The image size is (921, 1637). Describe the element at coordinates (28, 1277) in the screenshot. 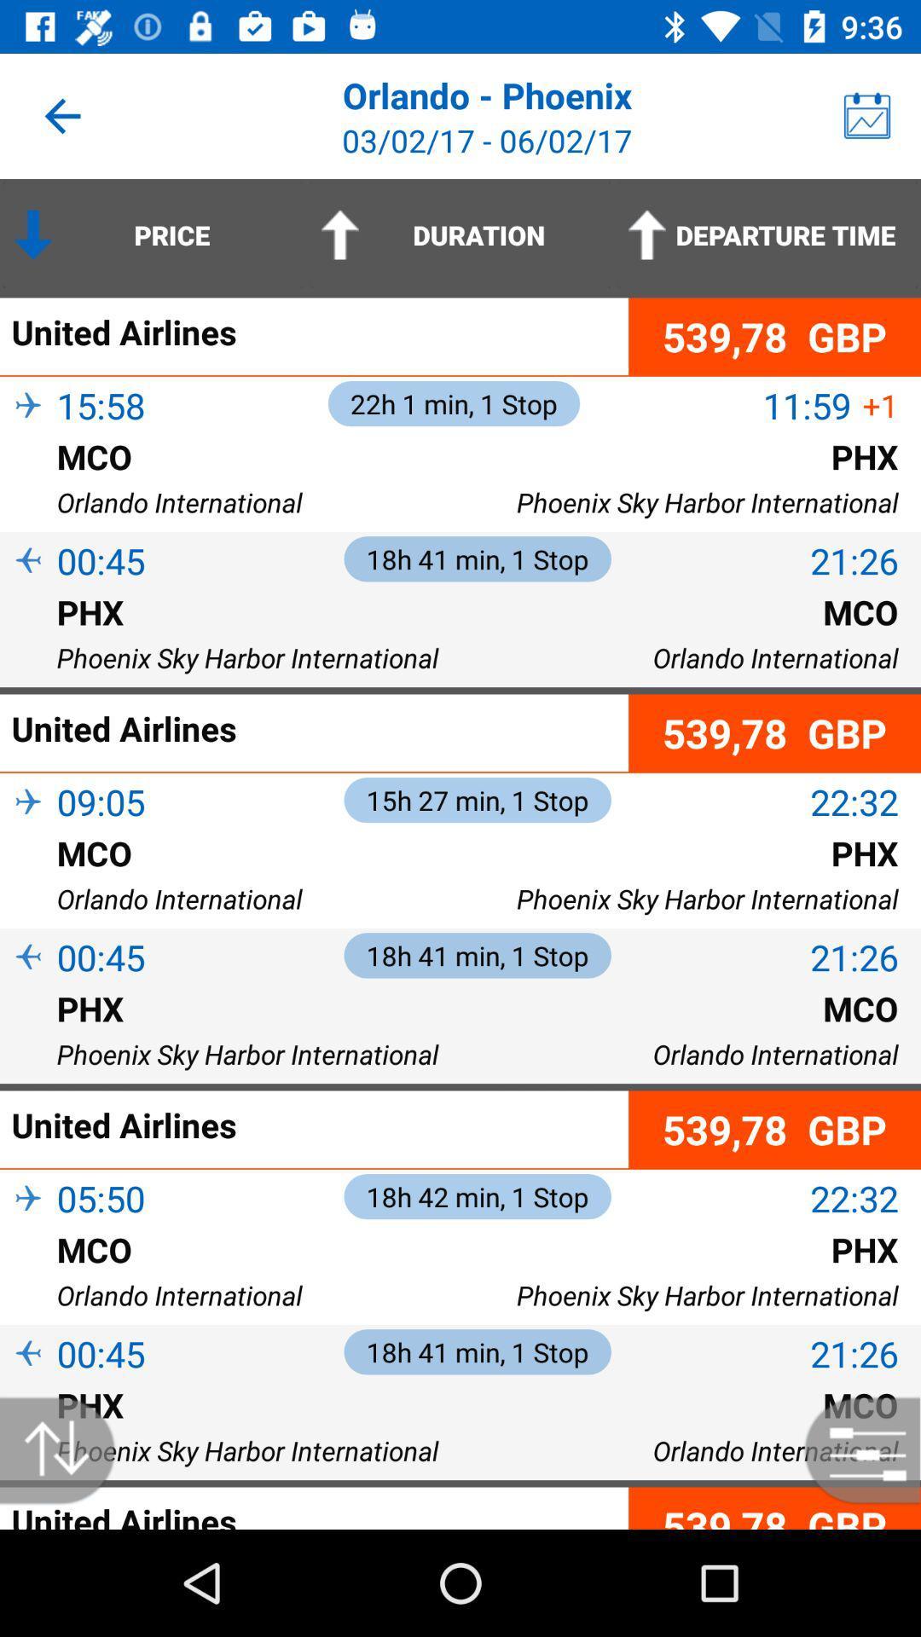

I see `the item above orlando international` at that location.